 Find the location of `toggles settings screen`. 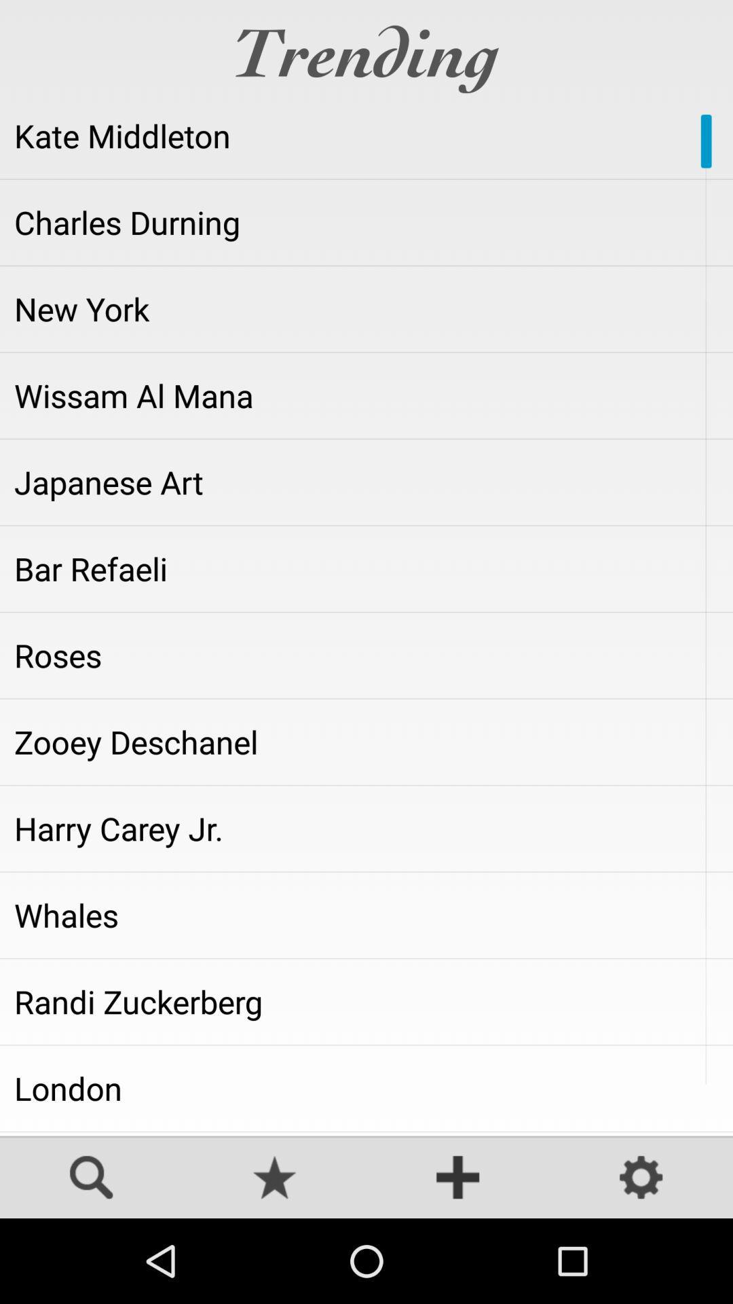

toggles settings screen is located at coordinates (641, 1178).